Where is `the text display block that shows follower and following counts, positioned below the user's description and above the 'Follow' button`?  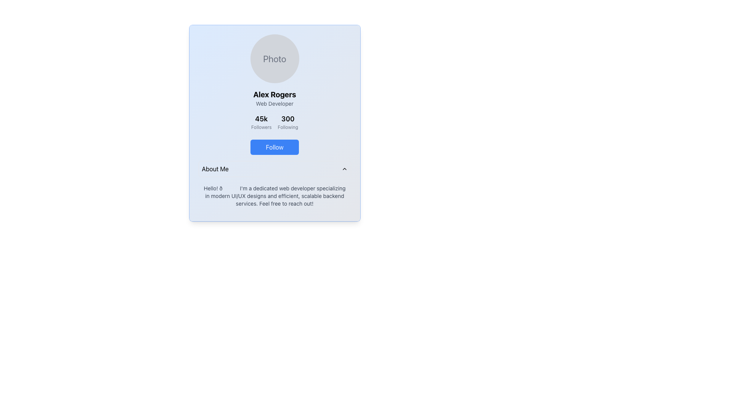
the text display block that shows follower and following counts, positioned below the user's description and above the 'Follow' button is located at coordinates (274, 122).